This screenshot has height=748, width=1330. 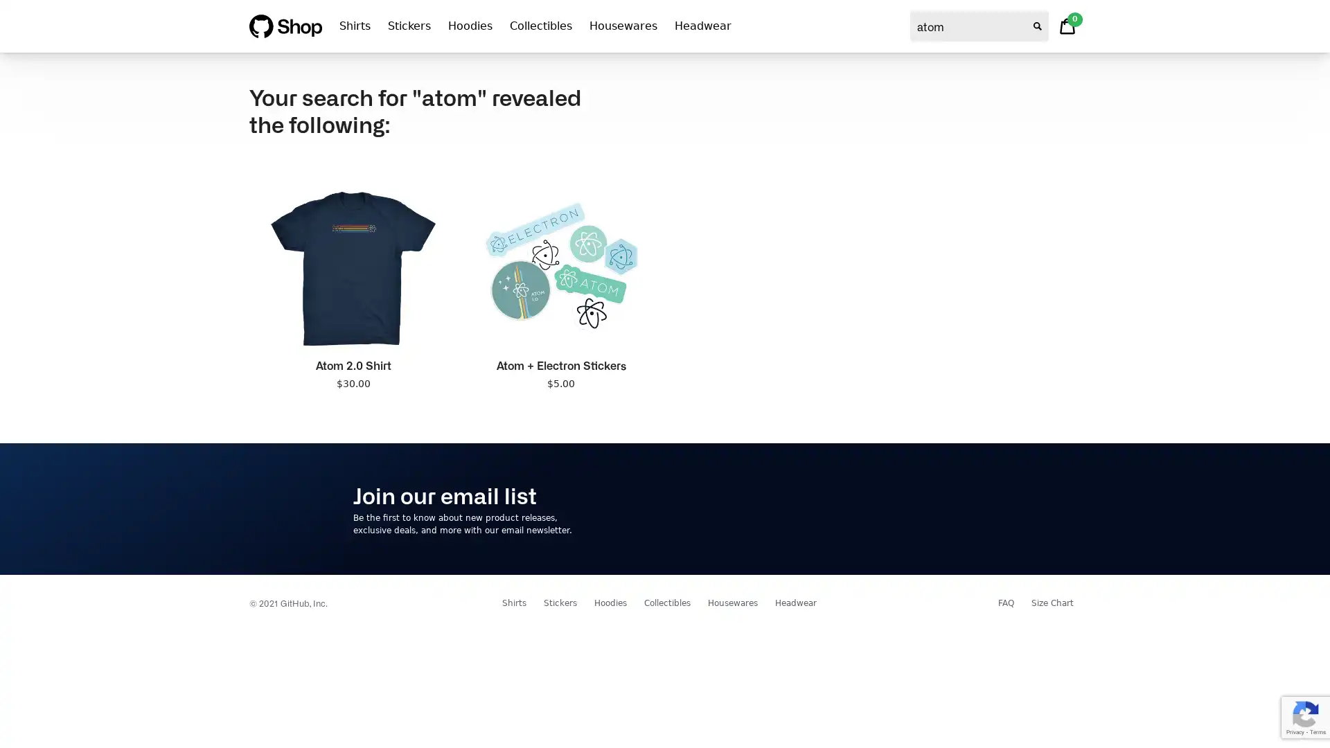 What do you see at coordinates (934, 509) in the screenshot?
I see `Subscribe` at bounding box center [934, 509].